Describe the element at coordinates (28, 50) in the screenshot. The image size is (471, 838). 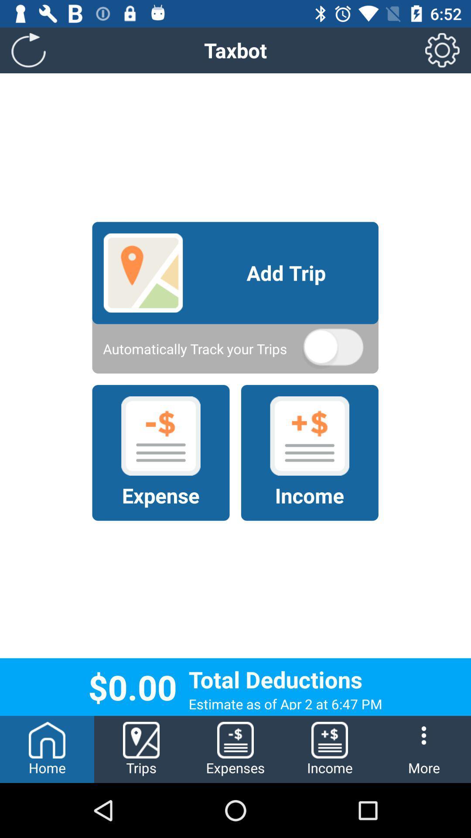
I see `the app next to taxbot icon` at that location.